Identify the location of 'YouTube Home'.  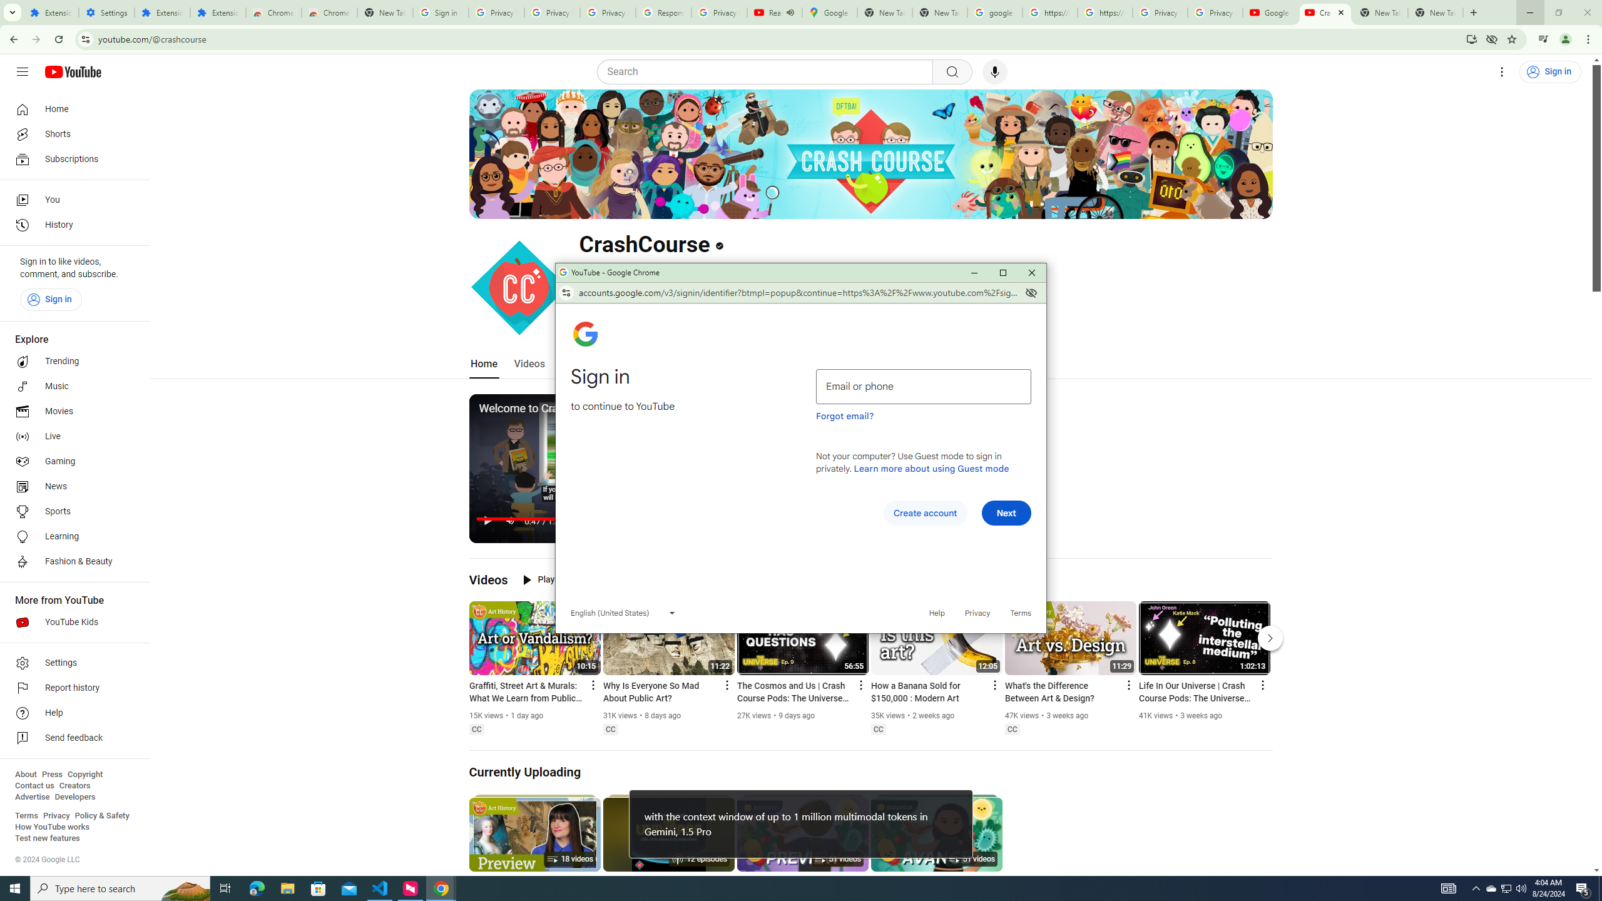
(72, 71).